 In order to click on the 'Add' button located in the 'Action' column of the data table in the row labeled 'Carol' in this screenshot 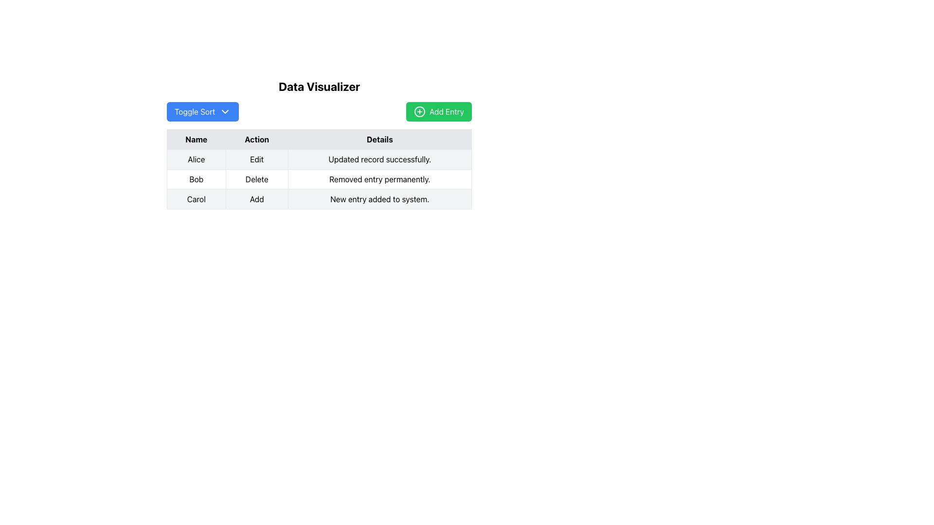, I will do `click(257, 198)`.